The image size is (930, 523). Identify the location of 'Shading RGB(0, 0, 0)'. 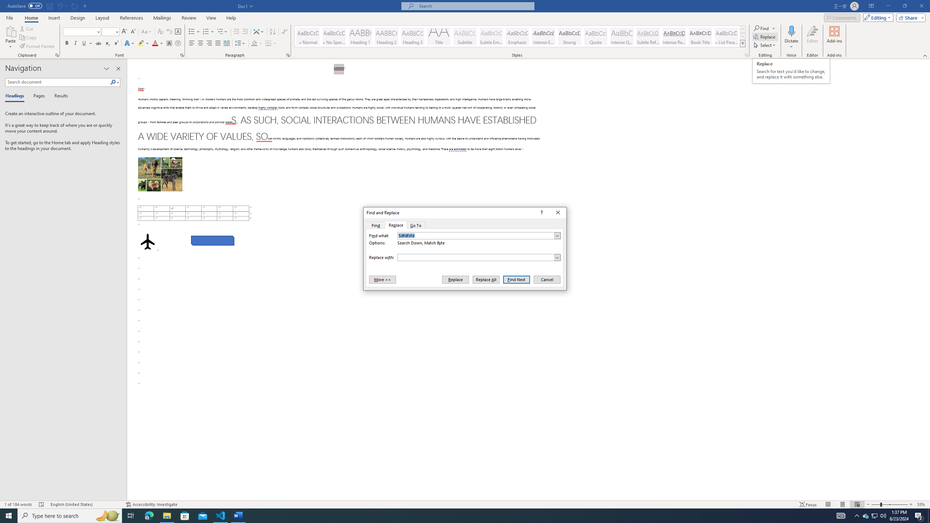
(254, 43).